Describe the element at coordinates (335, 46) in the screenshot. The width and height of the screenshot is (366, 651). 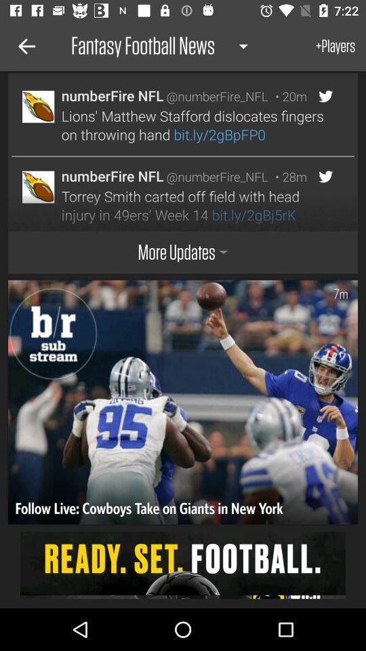
I see `icon to the right of the fantasy football news` at that location.